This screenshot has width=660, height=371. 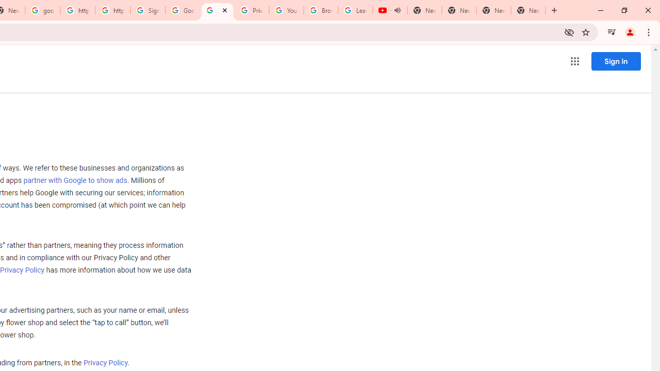 I want to click on 'New Tab', so click(x=528, y=10).